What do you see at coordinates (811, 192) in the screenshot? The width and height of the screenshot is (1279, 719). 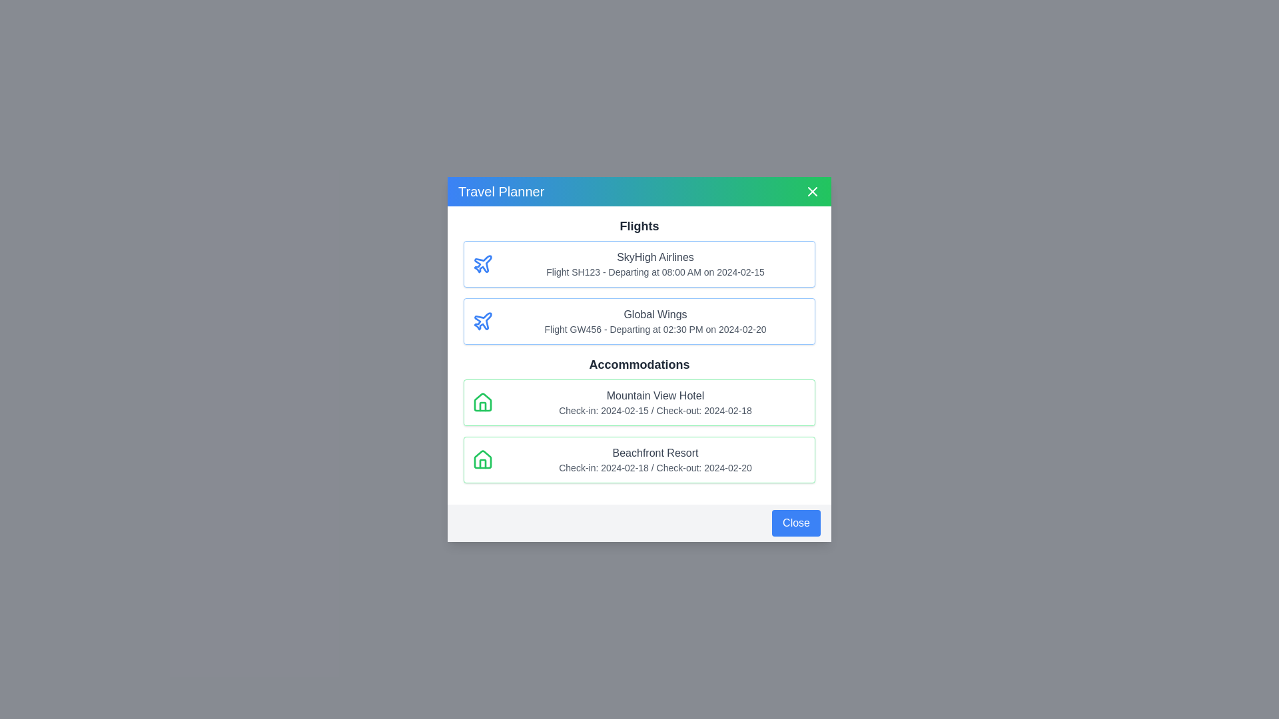 I see `the close button located in the top-right corner of the 'Travel Planner' modal` at bounding box center [811, 192].